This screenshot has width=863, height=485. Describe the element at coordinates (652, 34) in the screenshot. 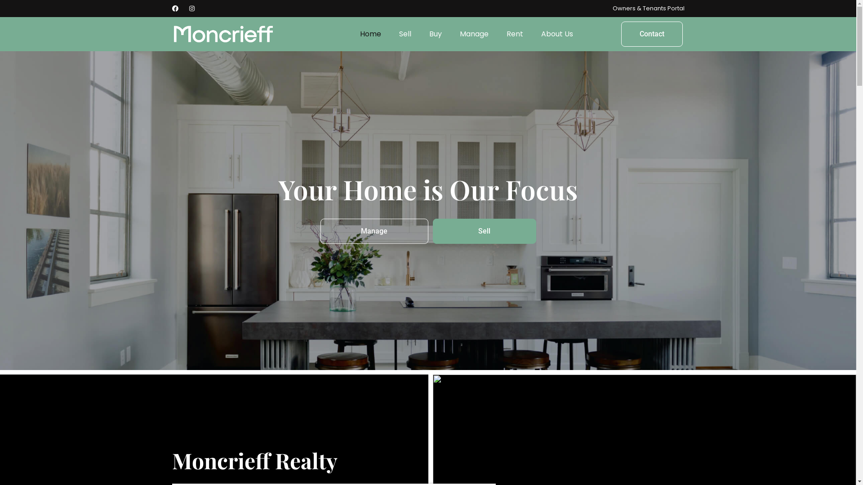

I see `'Contact'` at that location.